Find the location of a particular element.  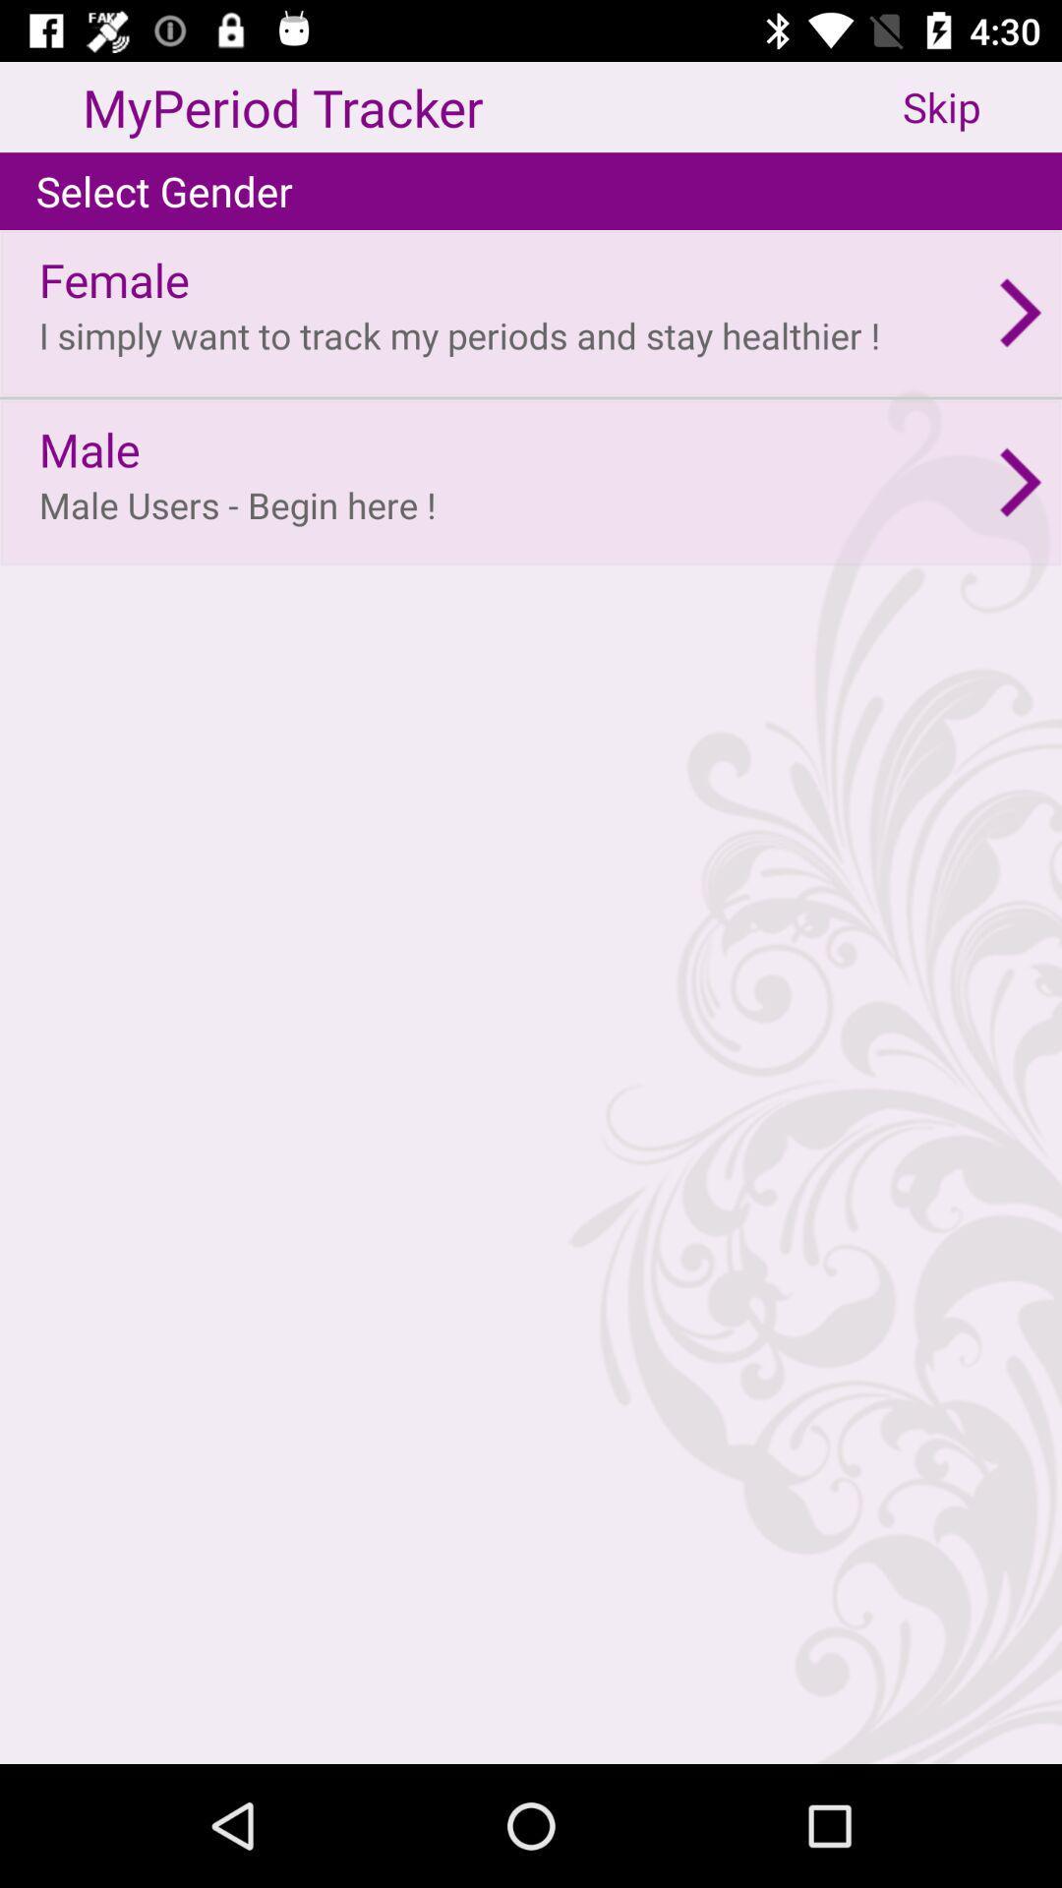

the skip app is located at coordinates (982, 106).